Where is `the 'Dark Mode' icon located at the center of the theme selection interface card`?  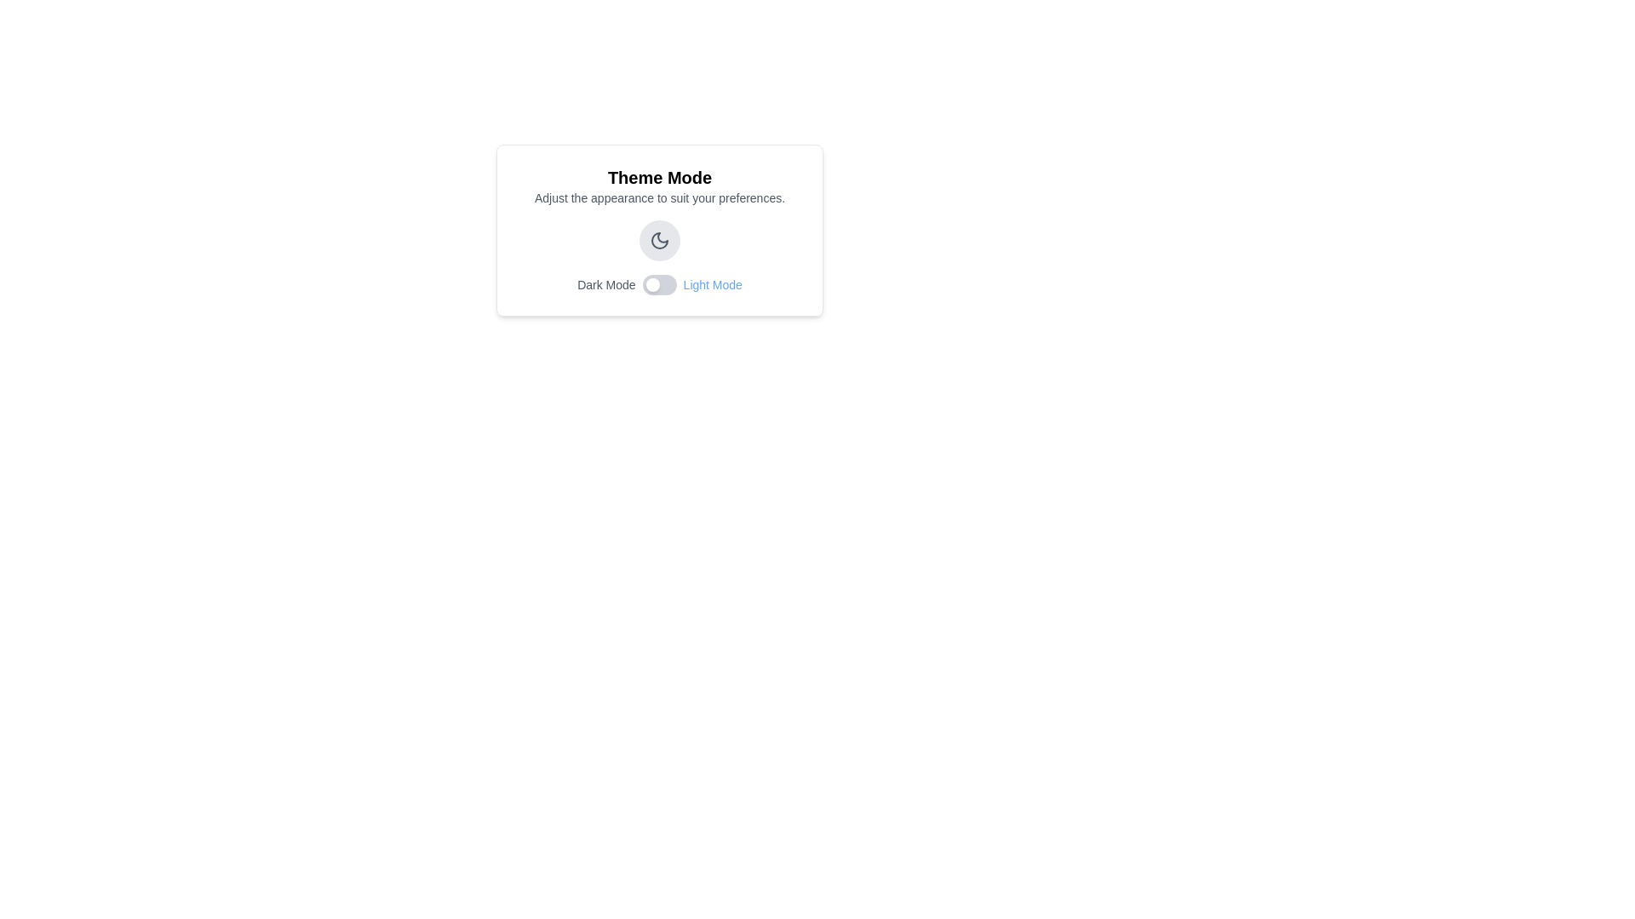 the 'Dark Mode' icon located at the center of the theme selection interface card is located at coordinates (658, 240).